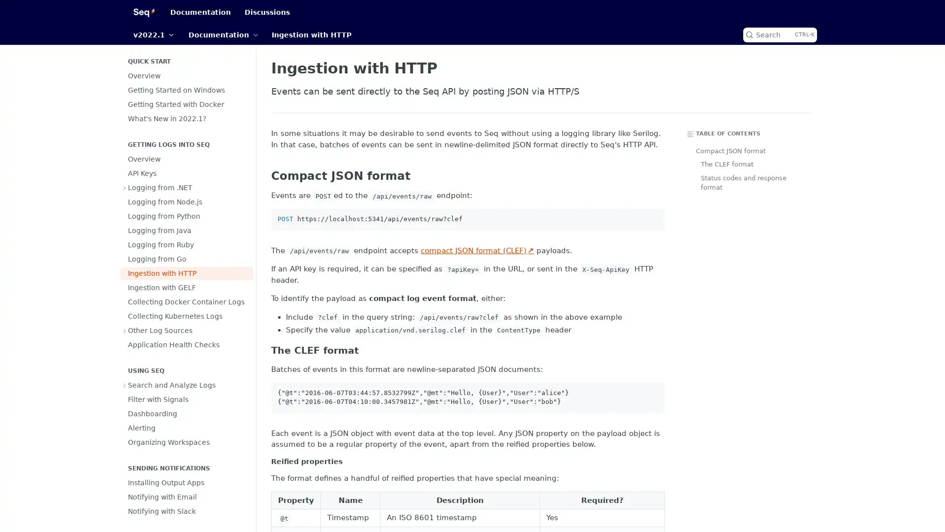 This screenshot has width=945, height=532. I want to click on Show subpages for Logging from .NET, so click(125, 188).